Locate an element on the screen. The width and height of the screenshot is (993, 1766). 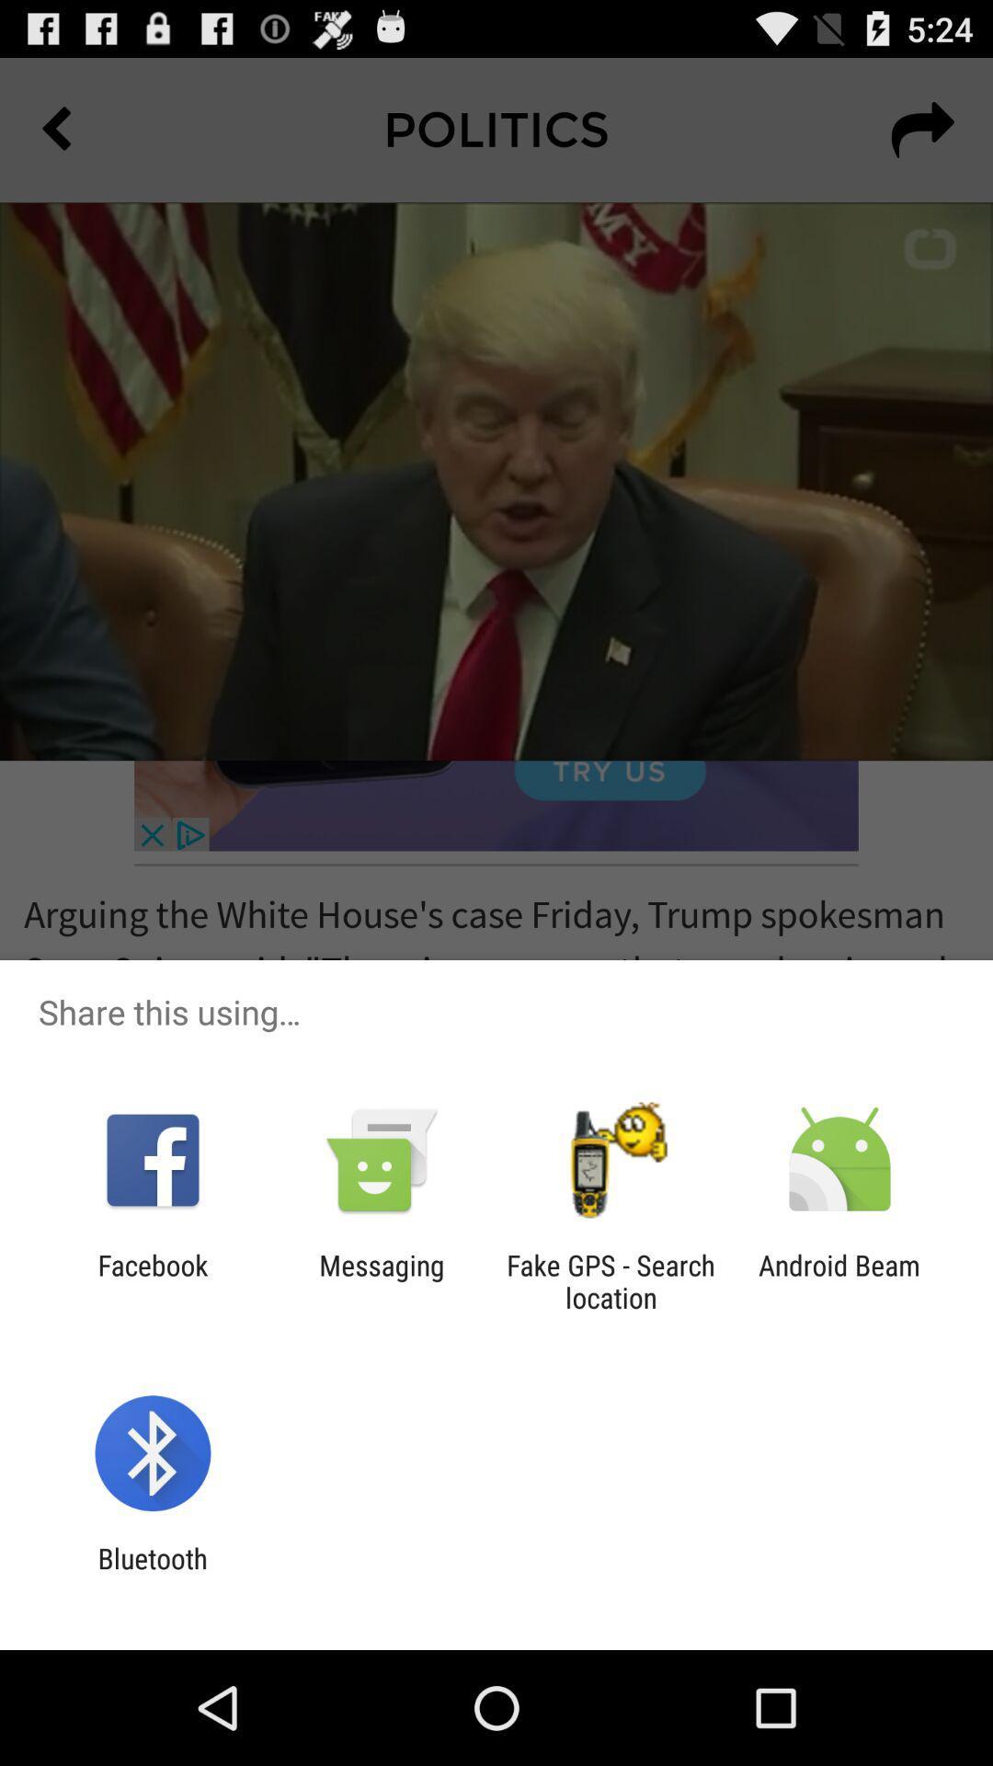
the app next to messaging icon is located at coordinates (611, 1280).